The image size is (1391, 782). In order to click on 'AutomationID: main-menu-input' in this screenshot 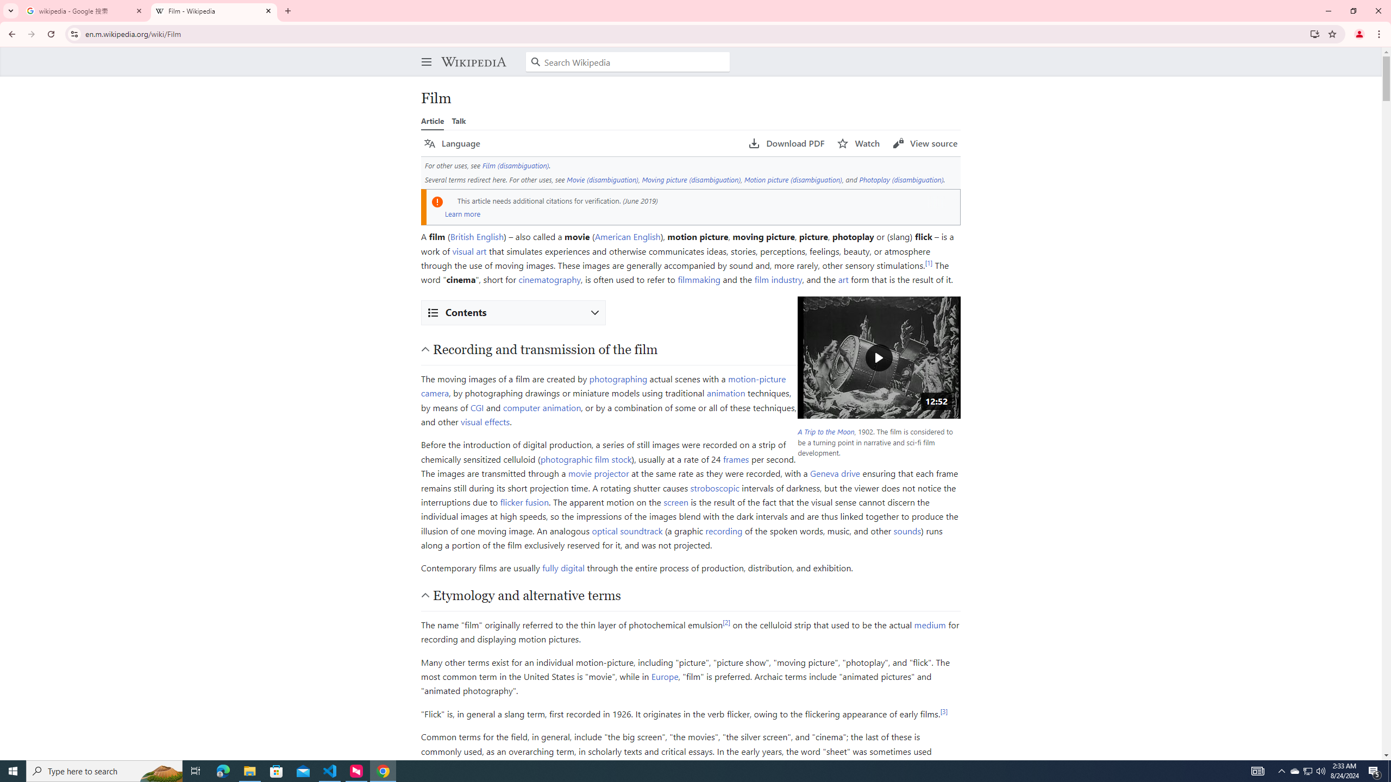, I will do `click(423, 53)`.